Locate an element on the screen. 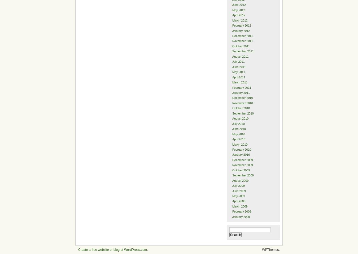  'January 2012' is located at coordinates (241, 30).